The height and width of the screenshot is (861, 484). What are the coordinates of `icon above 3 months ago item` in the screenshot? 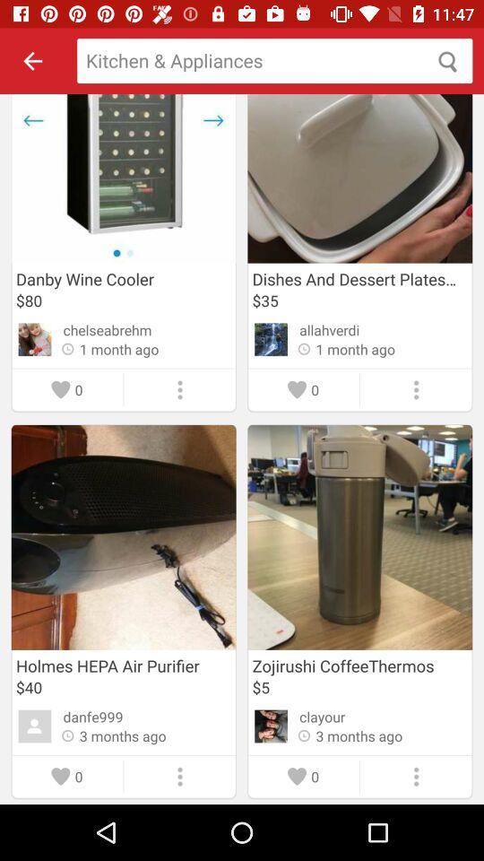 It's located at (93, 717).